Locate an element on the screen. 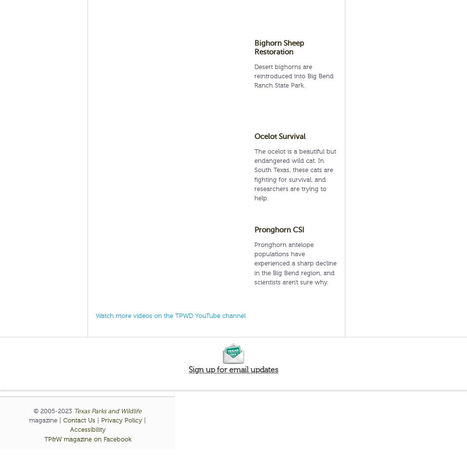 The width and height of the screenshot is (467, 456). 'Pronghorn antelope populations have experienced a sharp decline in the Big Bend region, and scientists aren't sure why.' is located at coordinates (295, 263).